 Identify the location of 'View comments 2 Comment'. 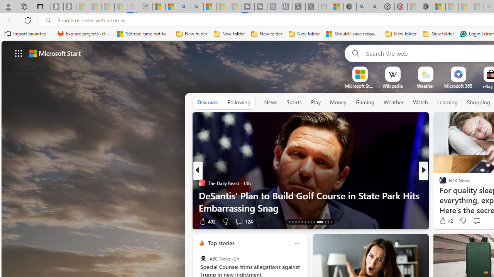
(476, 221).